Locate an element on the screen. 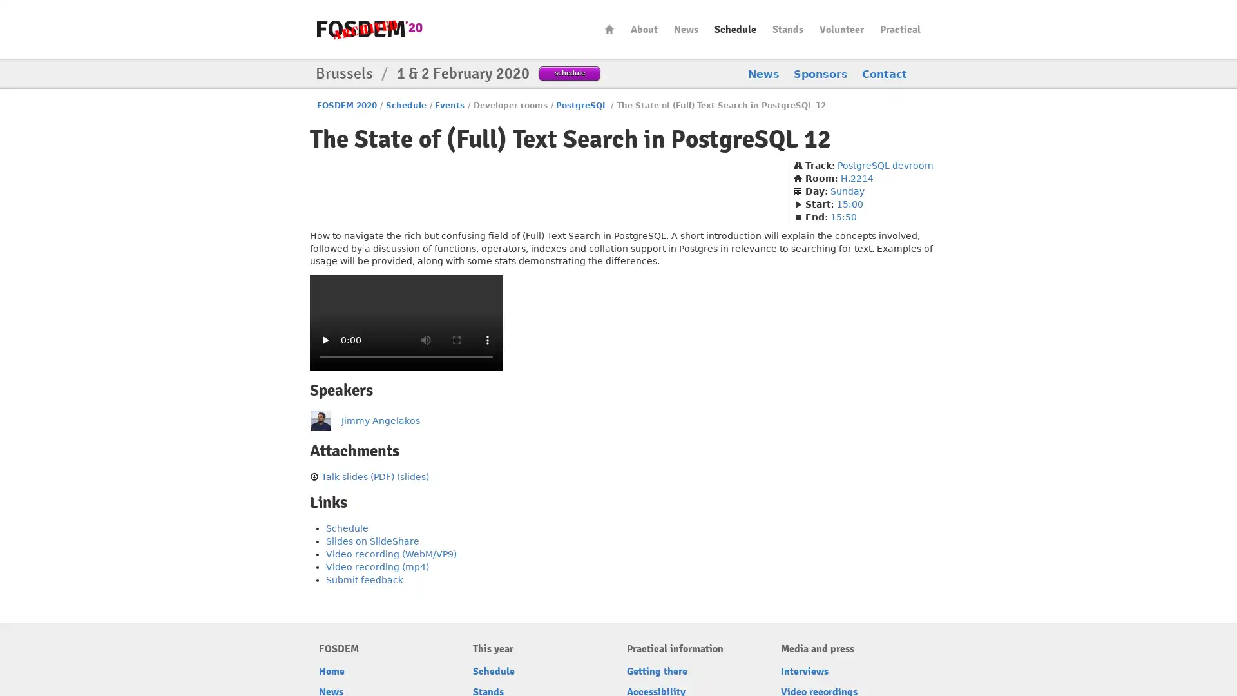  mute is located at coordinates (426, 339).